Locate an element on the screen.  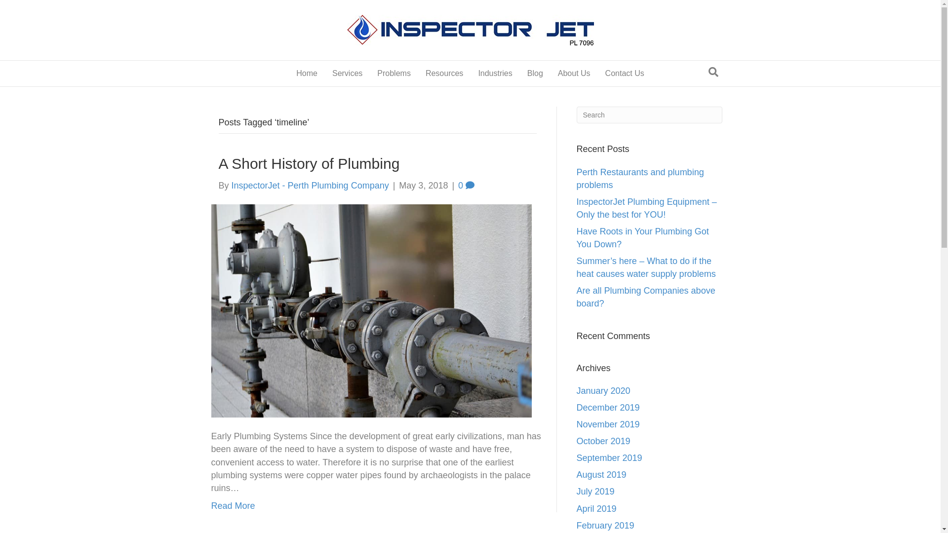
'April 2019' is located at coordinates (596, 508).